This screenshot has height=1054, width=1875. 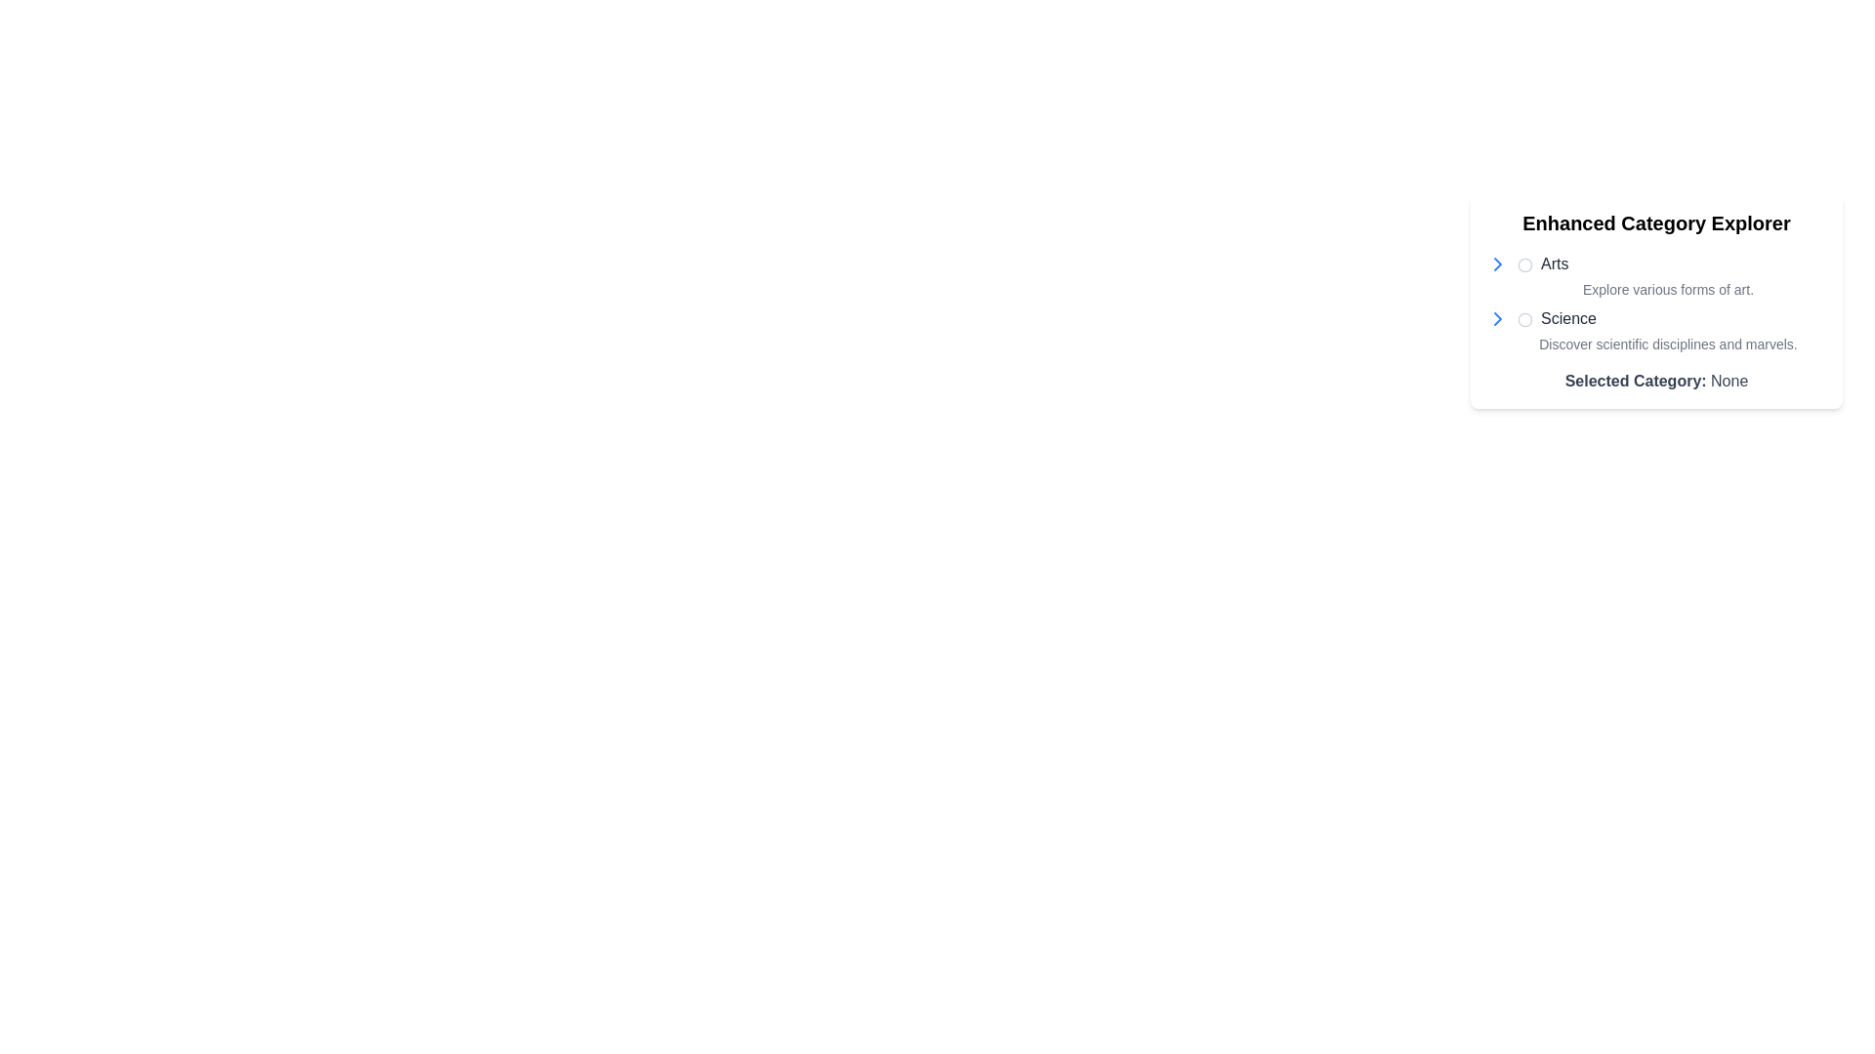 What do you see at coordinates (1497, 318) in the screenshot?
I see `the blue rightward-facing chevron icon located to the left of the text 'Science'` at bounding box center [1497, 318].